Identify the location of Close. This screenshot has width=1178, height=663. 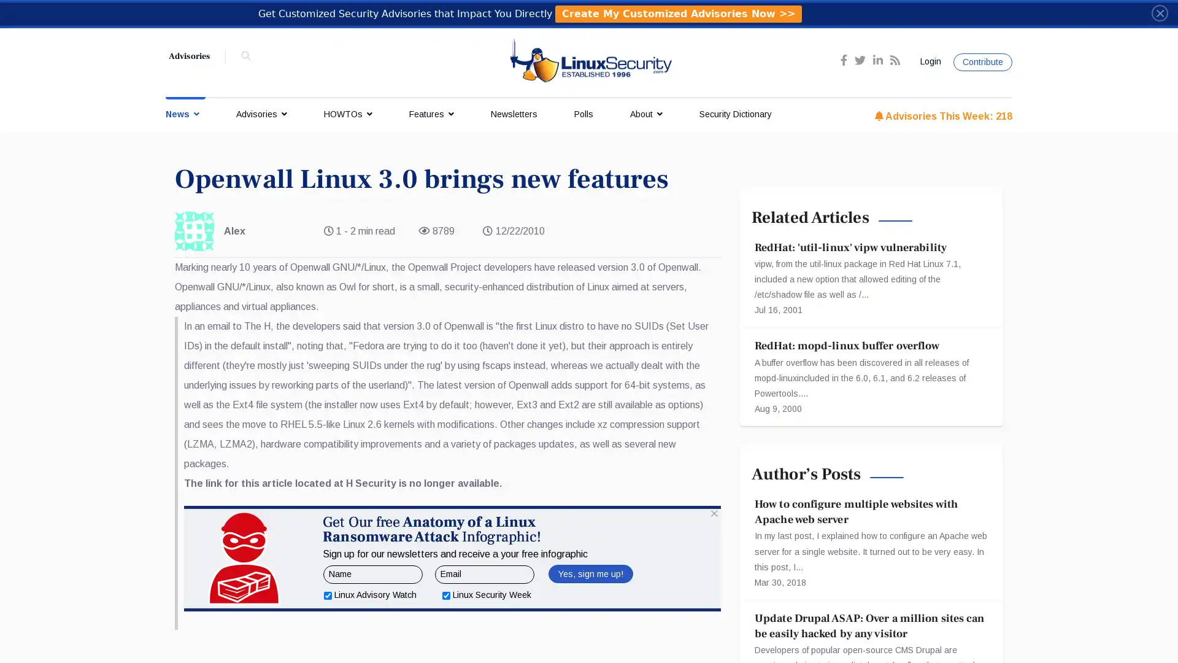
(1159, 12).